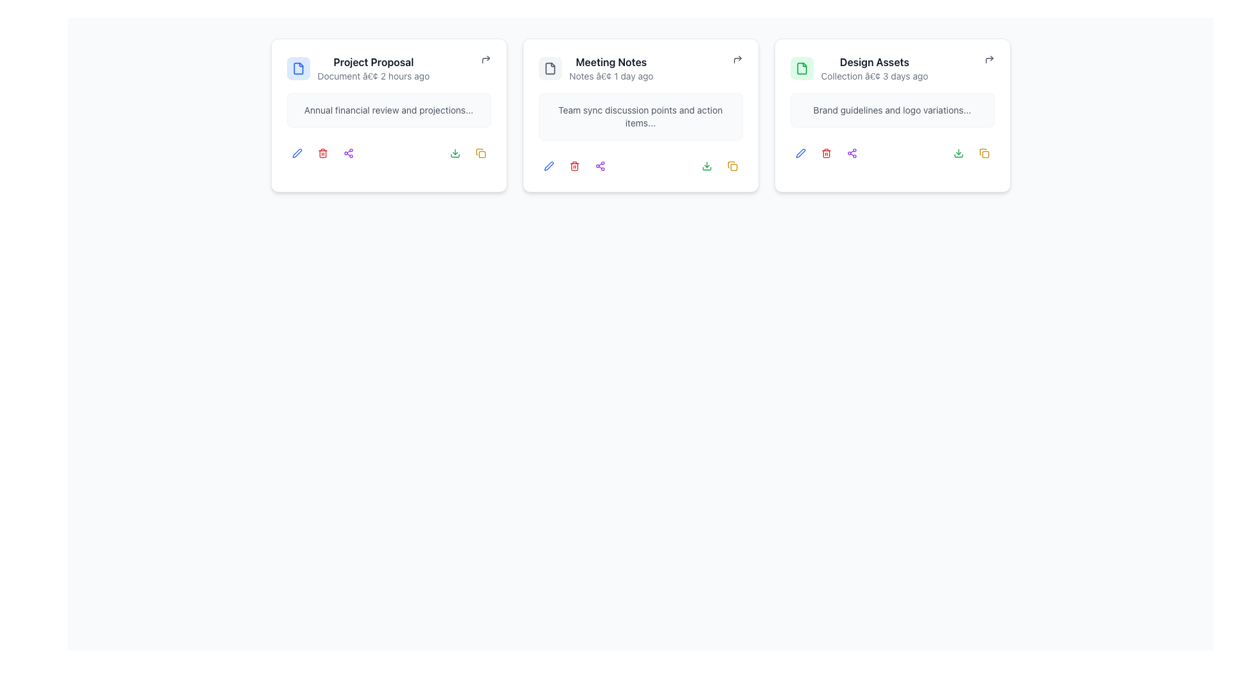 The width and height of the screenshot is (1233, 693). Describe the element at coordinates (706, 165) in the screenshot. I see `the green download icon button located at the bottom-right side of the 'Meeting Notes' card to initiate a download` at that location.